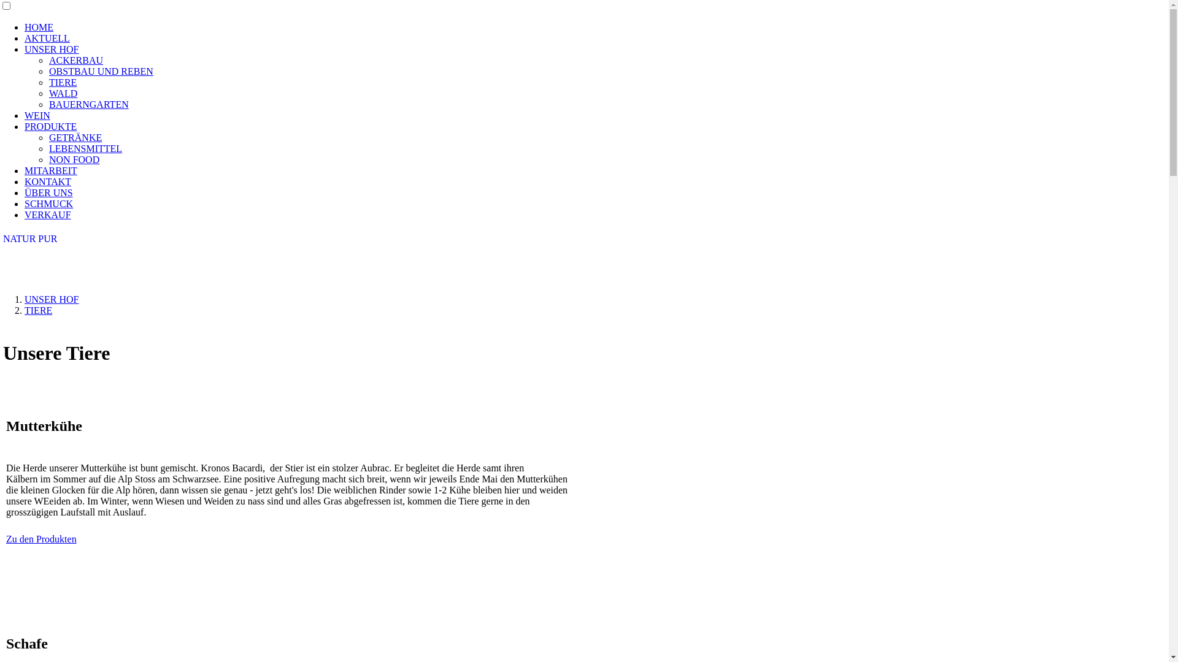  What do you see at coordinates (38, 310) in the screenshot?
I see `'TIERE'` at bounding box center [38, 310].